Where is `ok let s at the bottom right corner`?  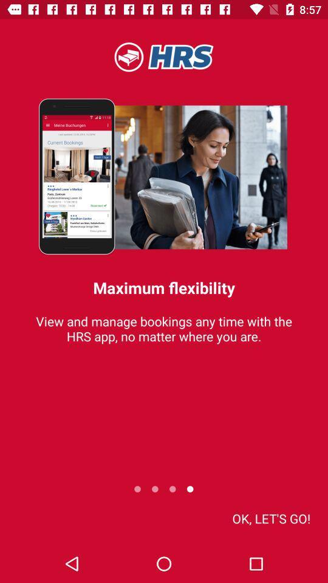 ok let s at the bottom right corner is located at coordinates (271, 517).